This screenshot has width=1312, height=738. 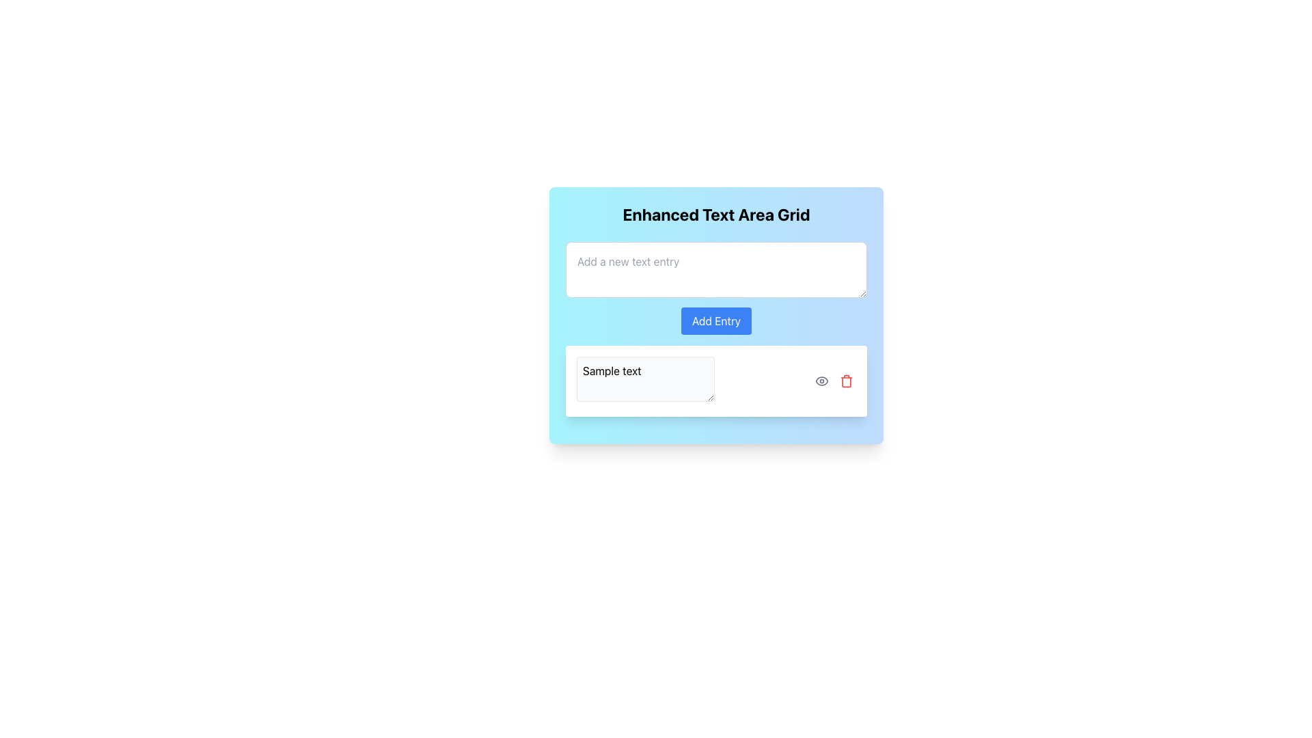 What do you see at coordinates (845, 381) in the screenshot?
I see `the delete icon button located in the bottom right corner of the text entry box` at bounding box center [845, 381].